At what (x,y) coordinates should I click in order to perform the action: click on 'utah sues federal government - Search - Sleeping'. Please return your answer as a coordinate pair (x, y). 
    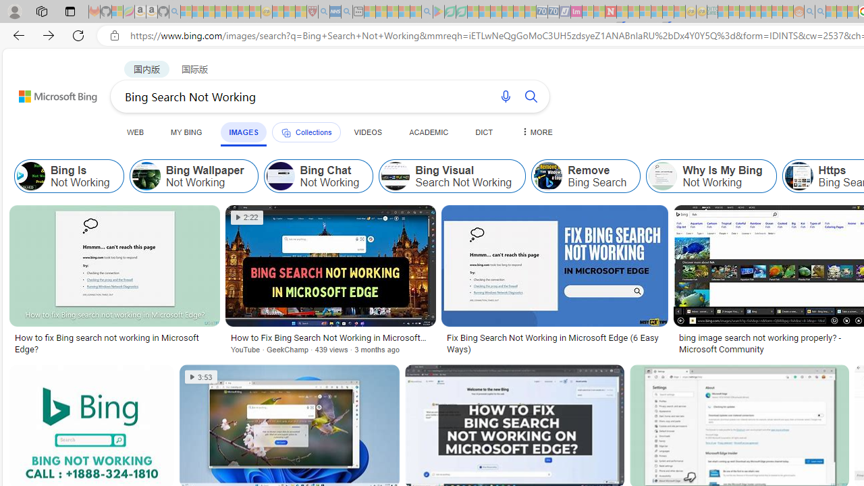
    Looking at the image, I should click on (346, 11).